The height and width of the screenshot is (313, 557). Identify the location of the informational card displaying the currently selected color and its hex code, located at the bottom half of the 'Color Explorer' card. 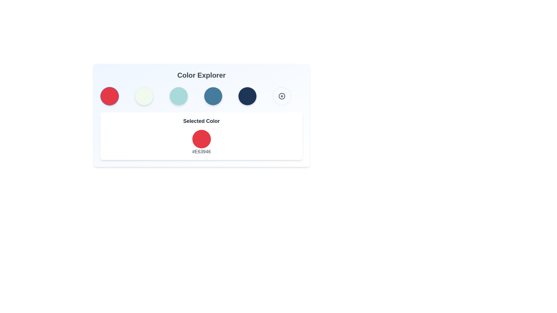
(201, 136).